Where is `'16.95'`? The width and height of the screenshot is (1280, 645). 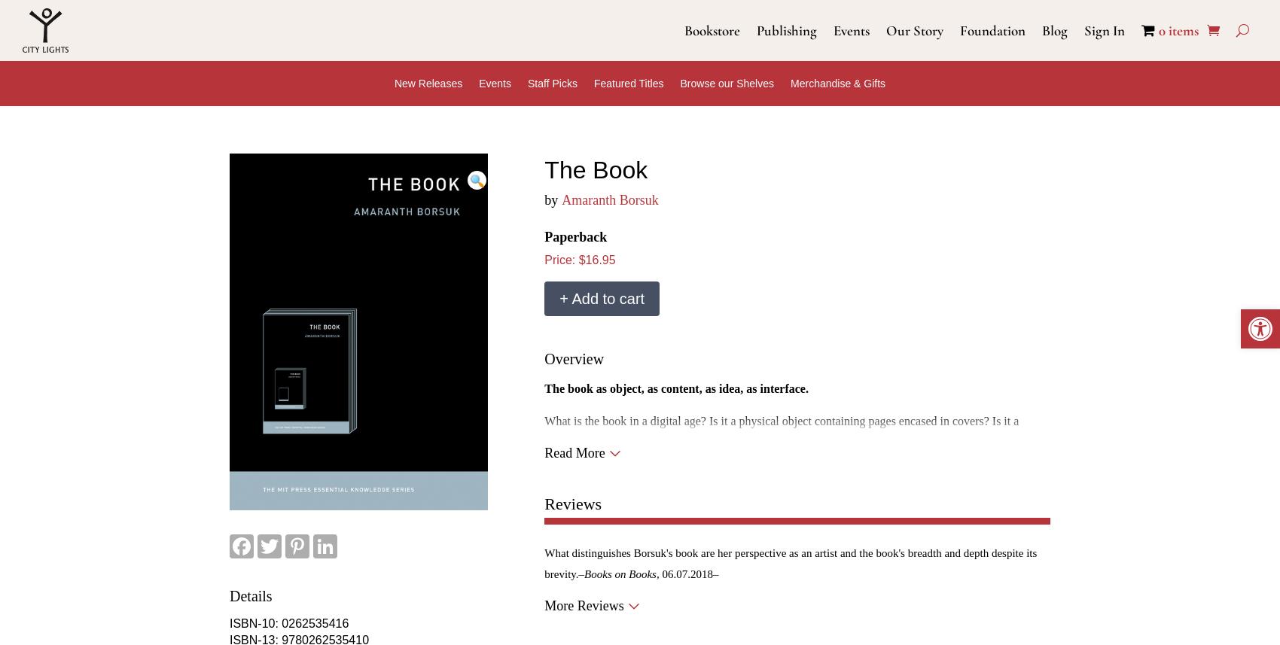 '16.95' is located at coordinates (584, 259).